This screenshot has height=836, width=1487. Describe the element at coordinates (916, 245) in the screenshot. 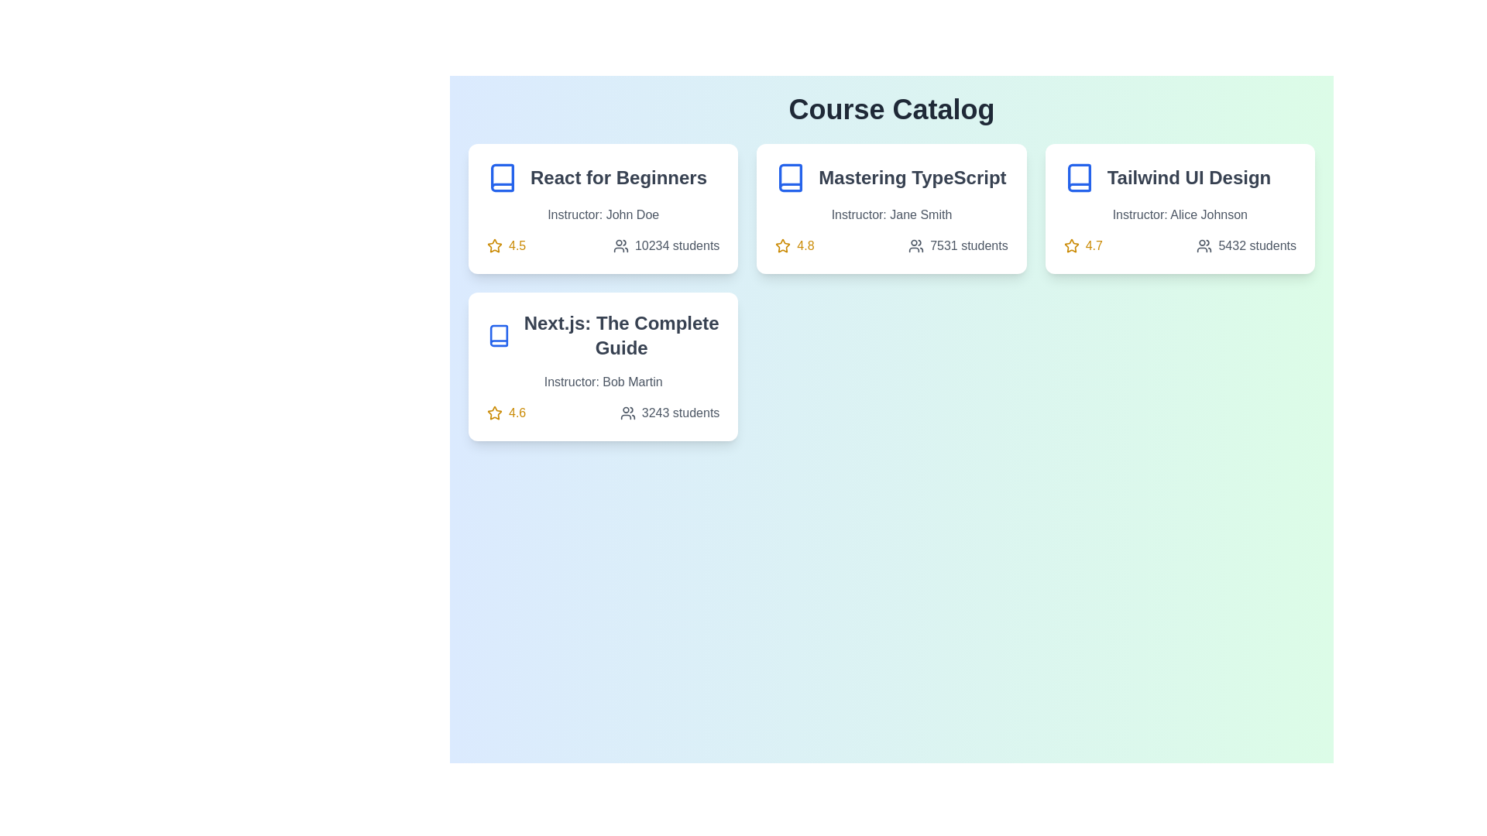

I see `the icon representing the number of students enrolled in the 'Mastering TypeScript' module, located to the left of the text '7531 students'` at that location.